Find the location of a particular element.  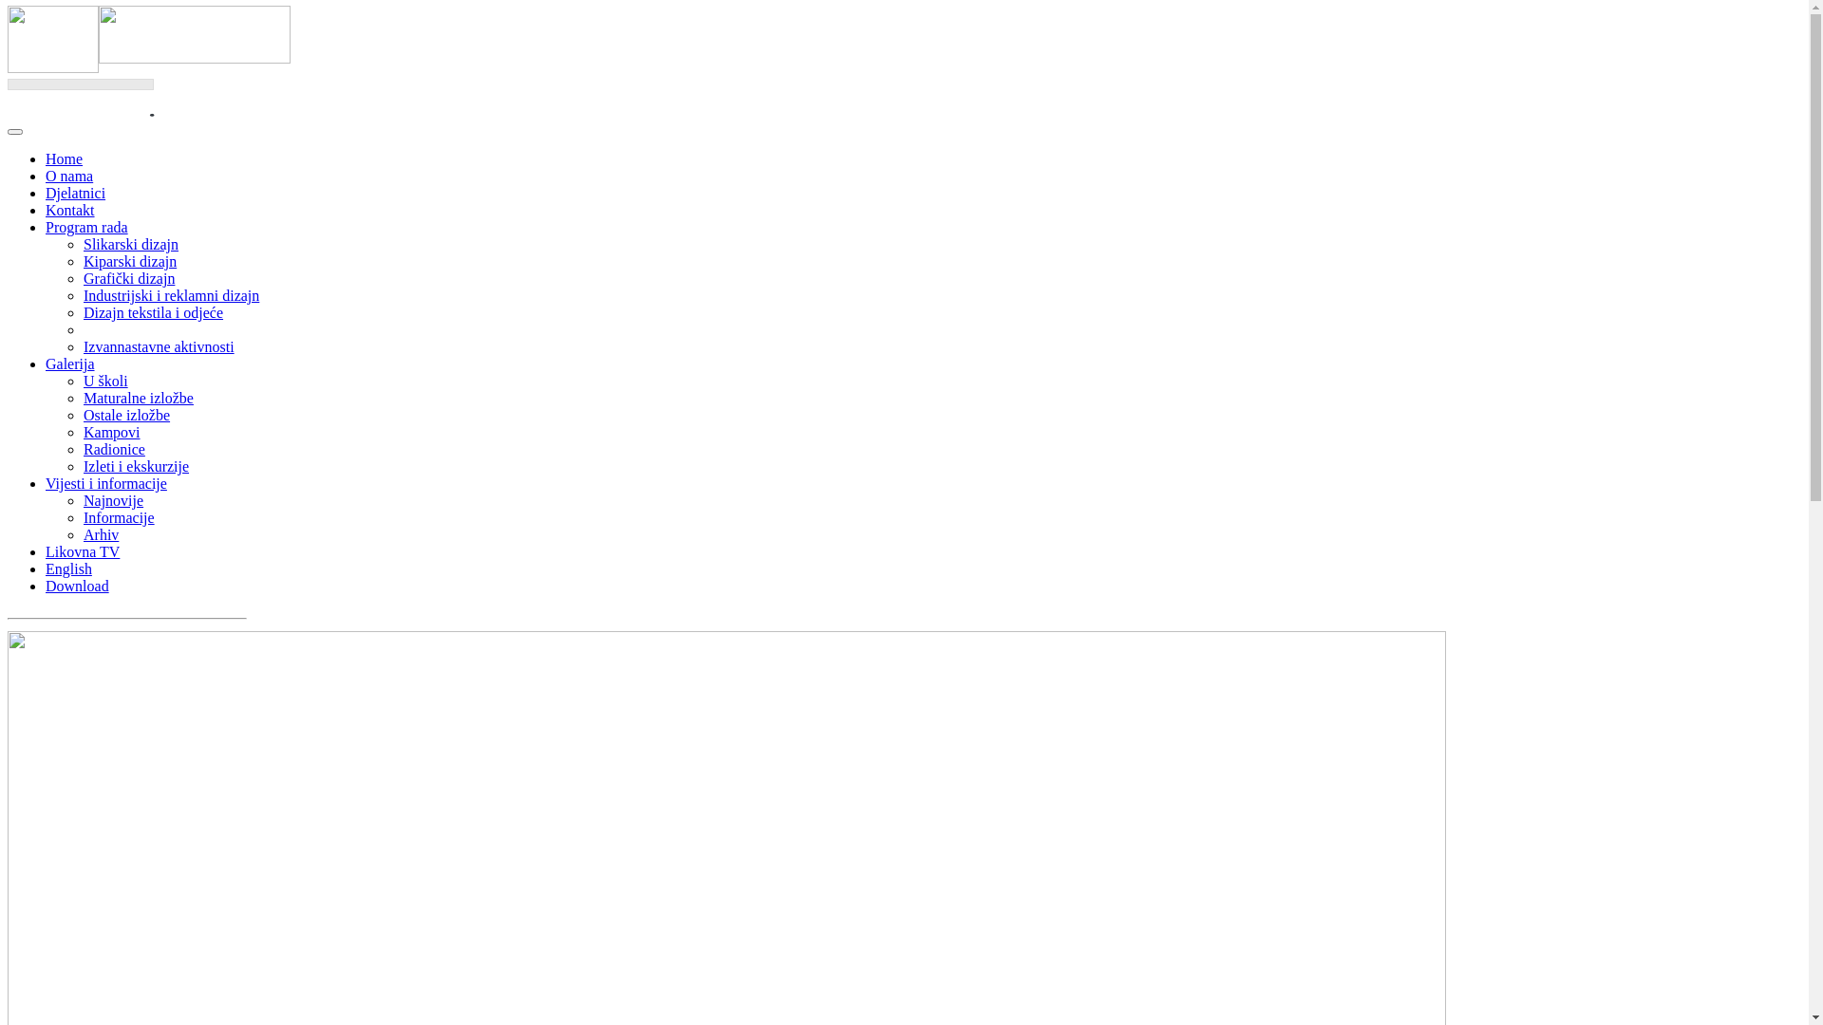

'O nama' is located at coordinates (46, 176).